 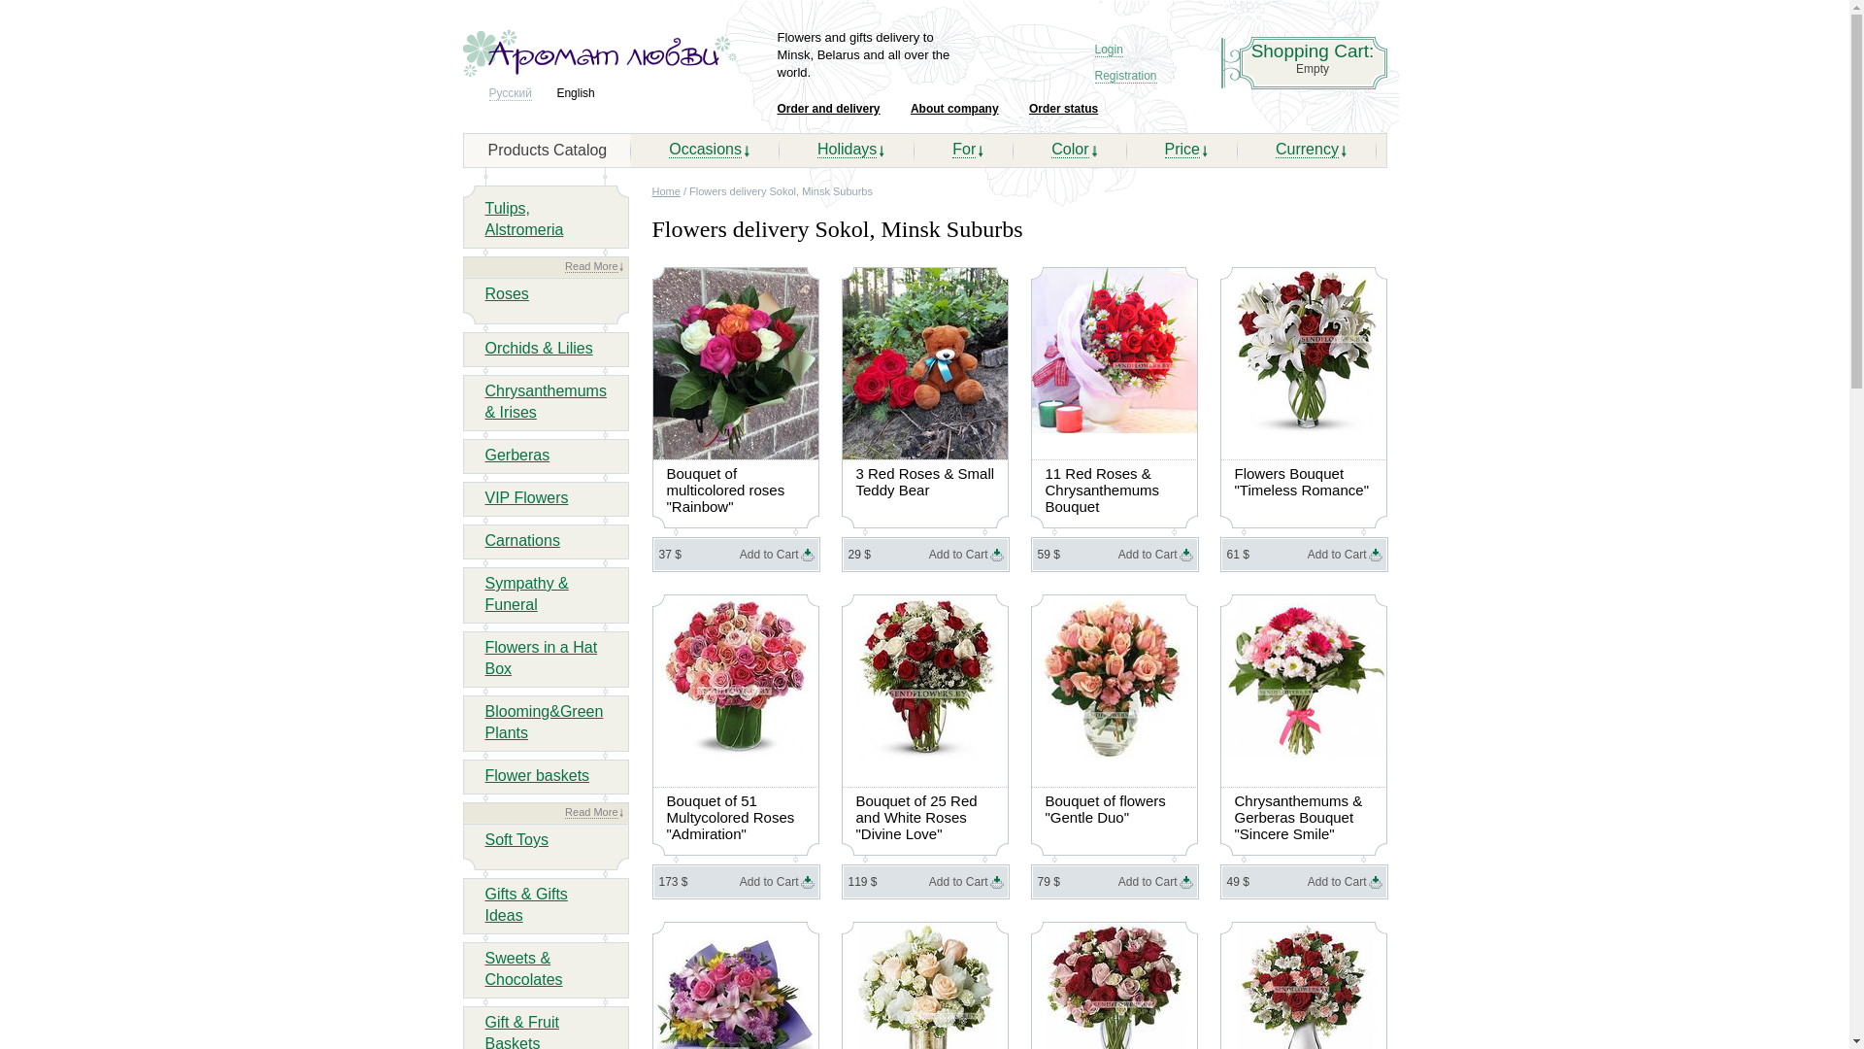 What do you see at coordinates (526, 904) in the screenshot?
I see `'Gifts & Gifts Ideas'` at bounding box center [526, 904].